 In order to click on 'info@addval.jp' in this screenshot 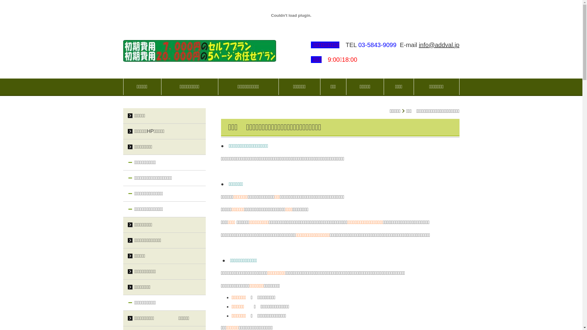, I will do `click(418, 44)`.